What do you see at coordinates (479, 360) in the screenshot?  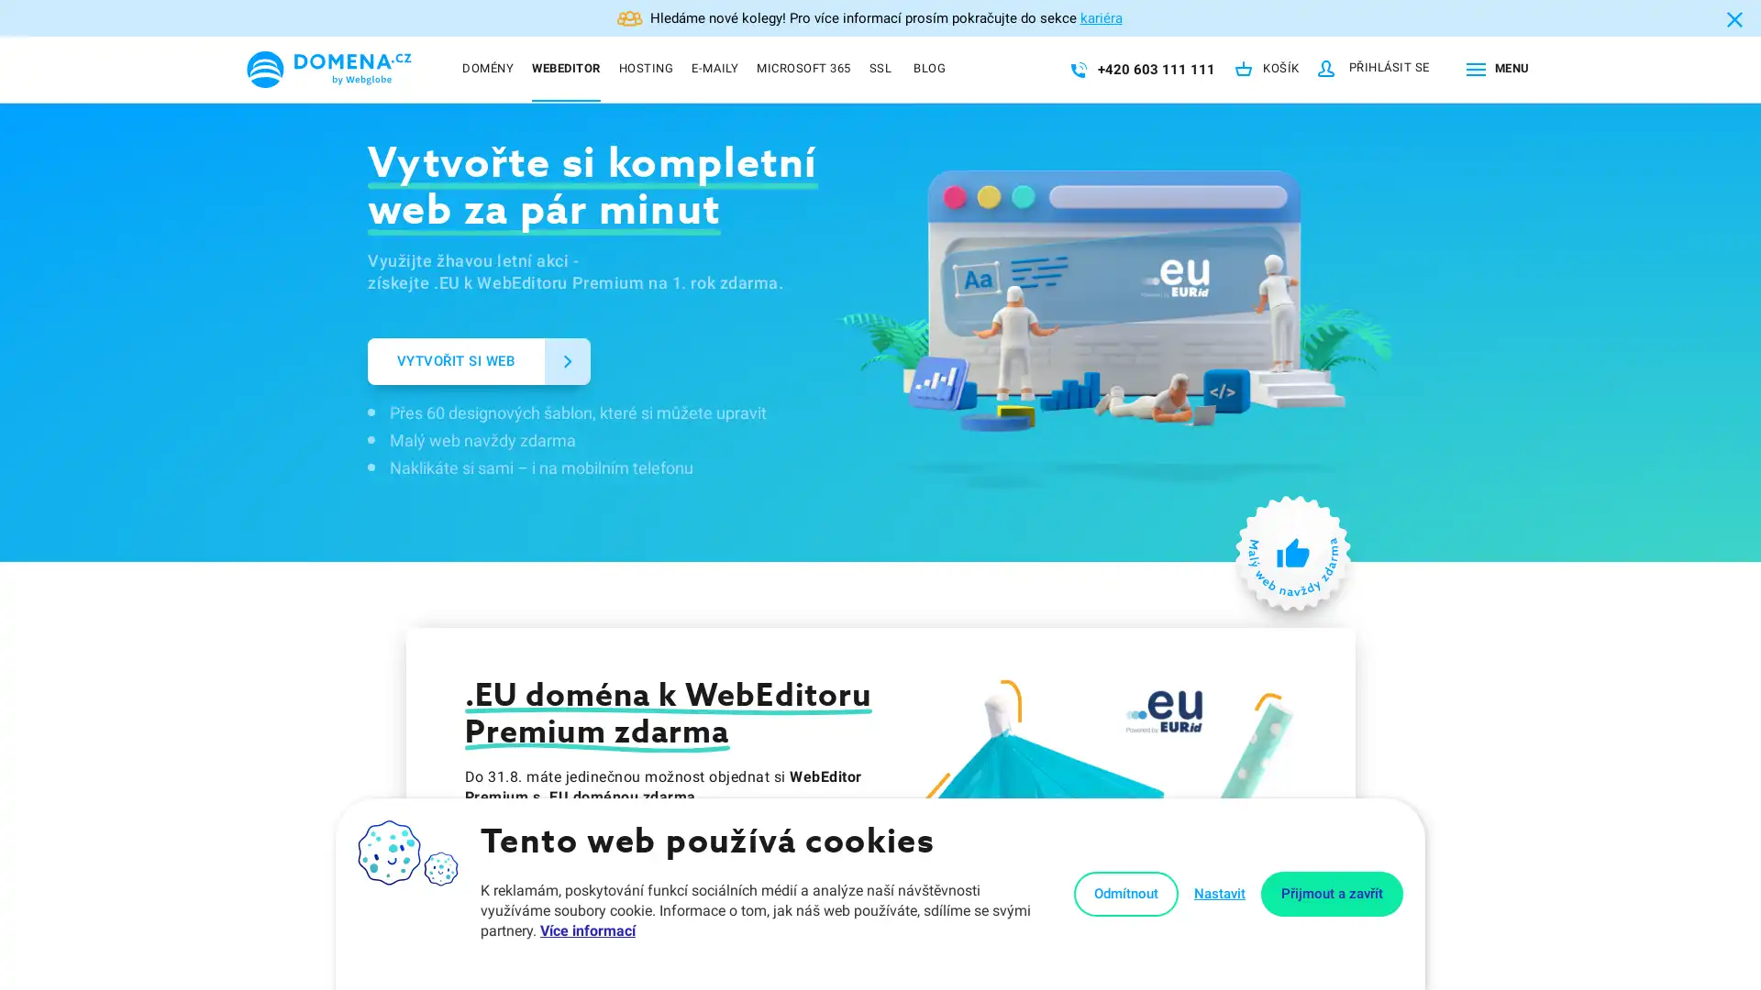 I see `VYTVORIT SI WEB F` at bounding box center [479, 360].